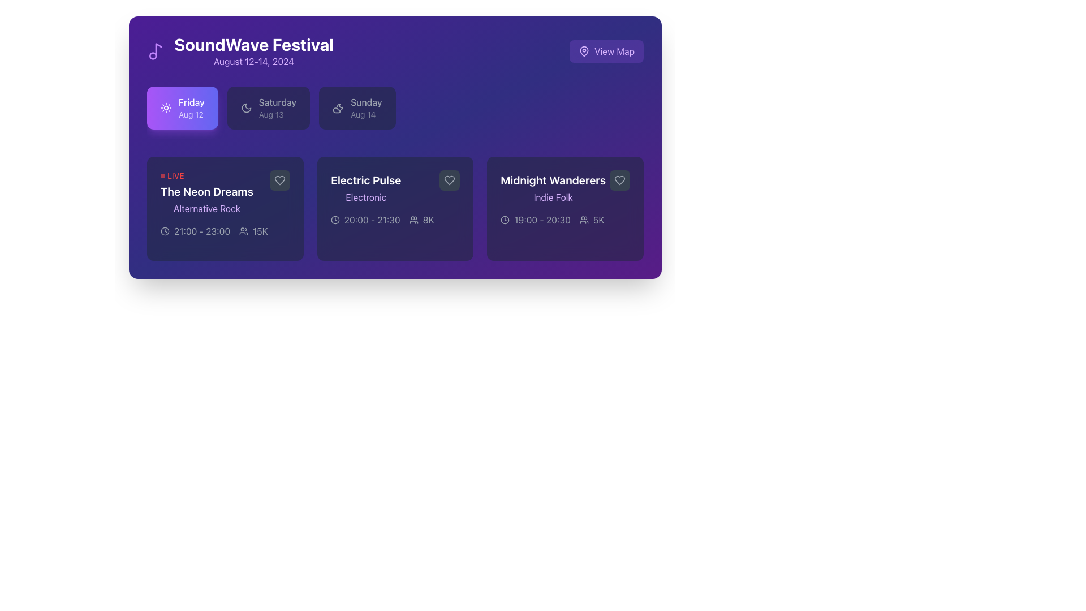  I want to click on the text label displaying the time range '21:00 - 23:00' for the event 'The Neon Dreams', which is styled in light gray on a dark background and has a red circular marker, so click(202, 230).